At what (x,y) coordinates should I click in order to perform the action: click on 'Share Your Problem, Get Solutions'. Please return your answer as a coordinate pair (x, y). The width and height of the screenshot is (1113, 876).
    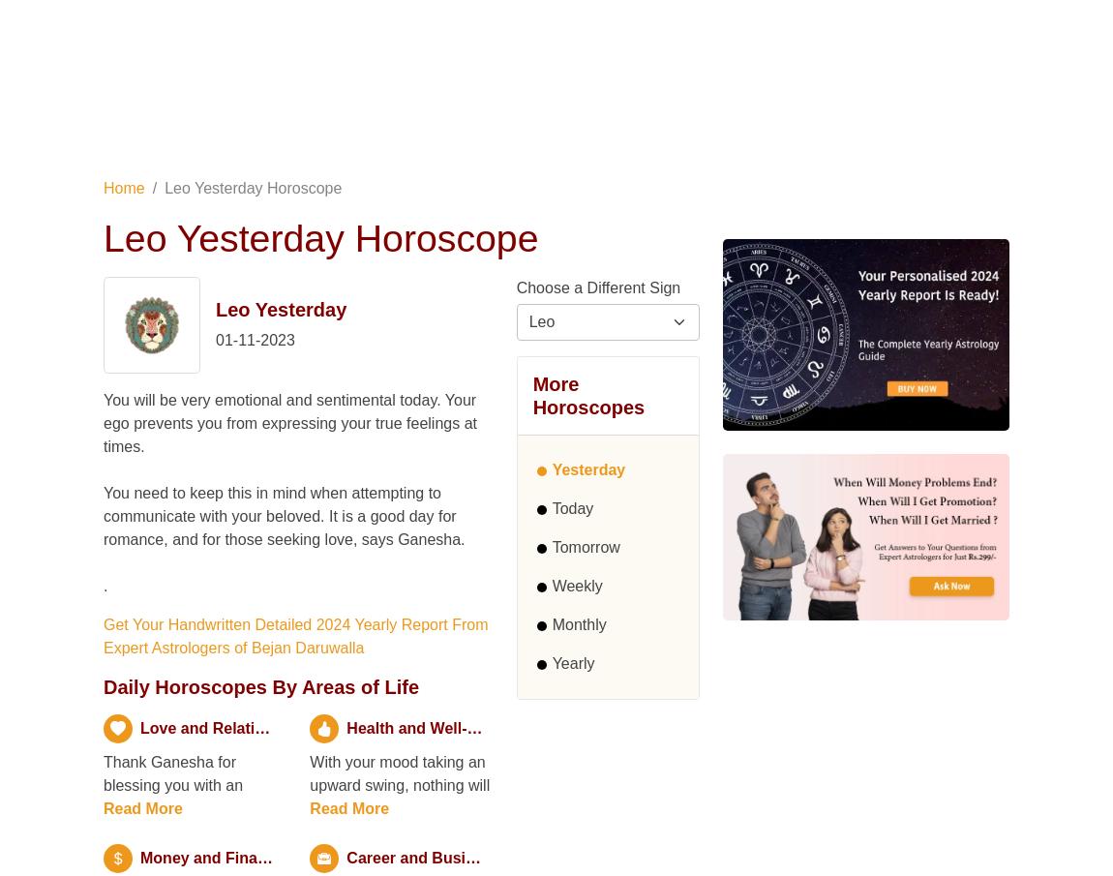
    Looking at the image, I should click on (863, 359).